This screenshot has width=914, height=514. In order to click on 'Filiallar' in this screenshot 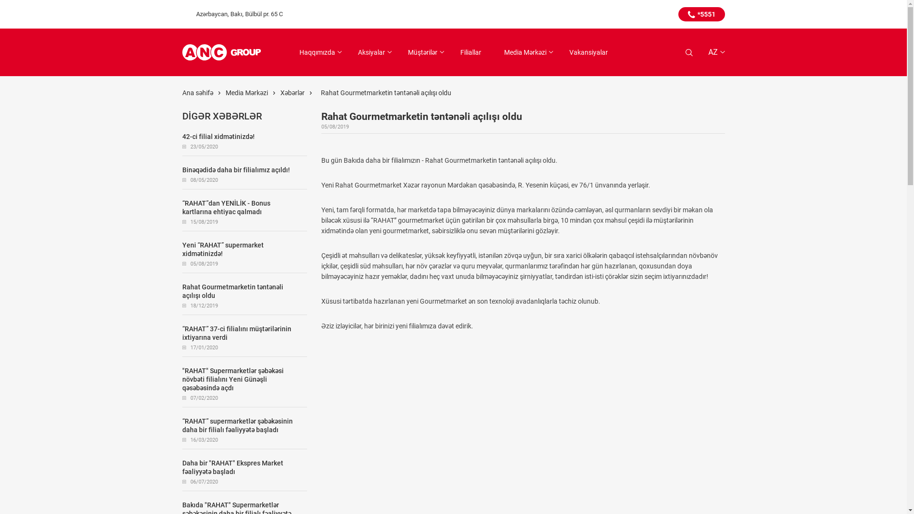, I will do `click(470, 52)`.